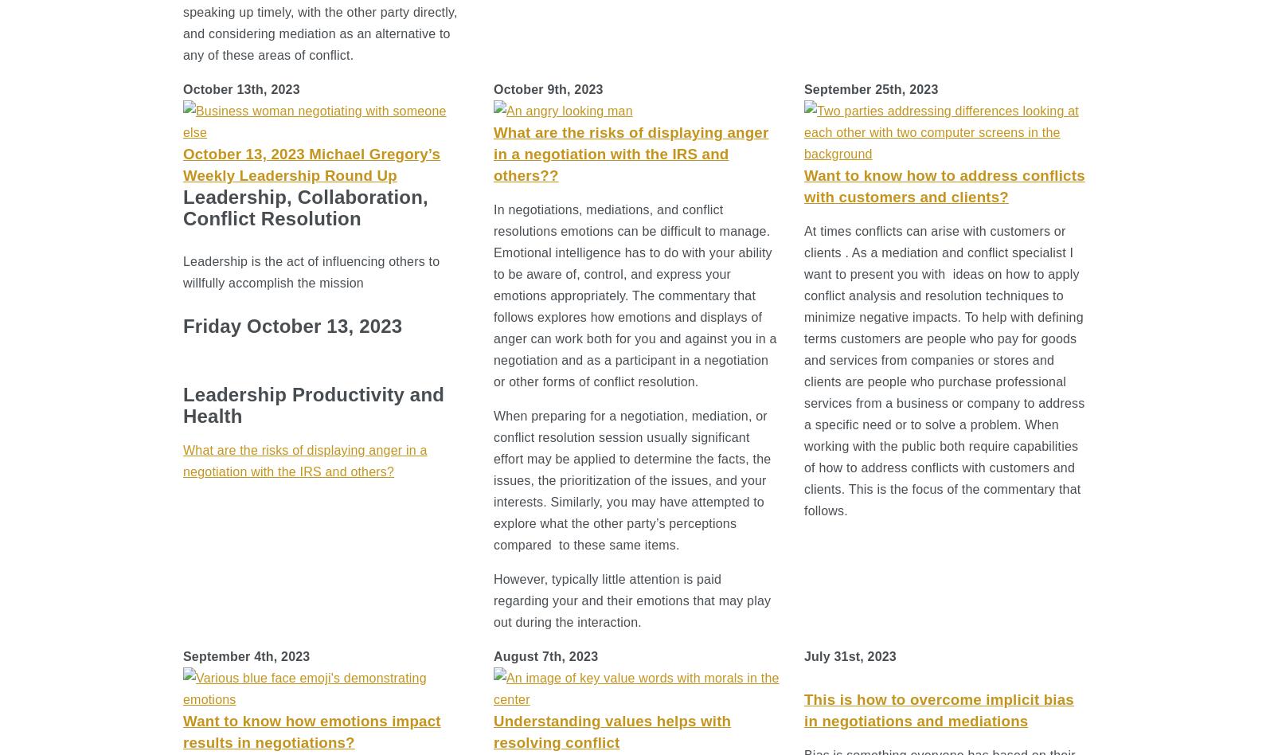 The image size is (1274, 755). I want to click on 'In negotiations, mediations, and conflict resolutions emotions can be difficult to manage. Emotional intelligence has to do with your ability to be aware of, control, and express your emotions appropriately. The commentary that follows explores how emotions and displays of anger can work both for you and against you in a negotiation and as a participant in a negotiation or other forms of conflict resolution.', so click(635, 295).